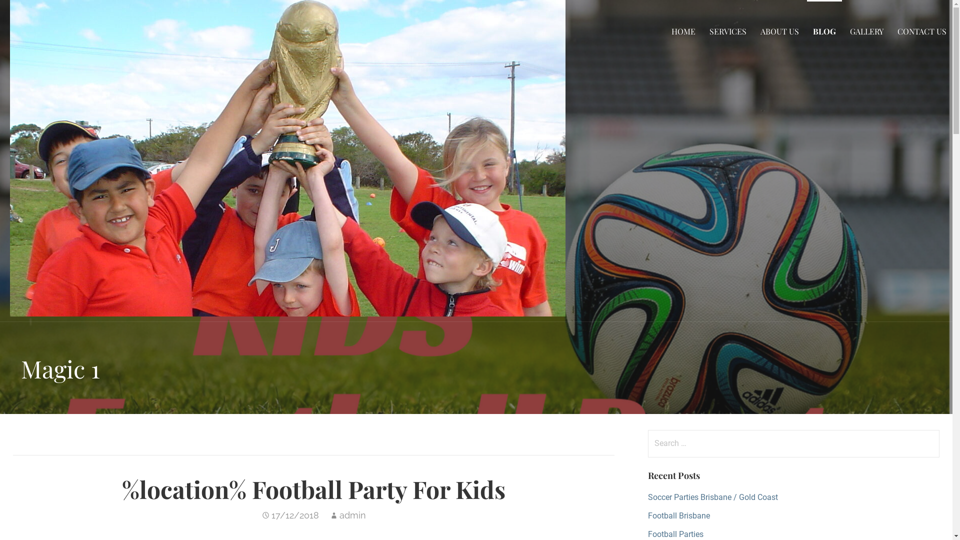  Describe the element at coordinates (779, 30) in the screenshot. I see `'ABOUT US'` at that location.